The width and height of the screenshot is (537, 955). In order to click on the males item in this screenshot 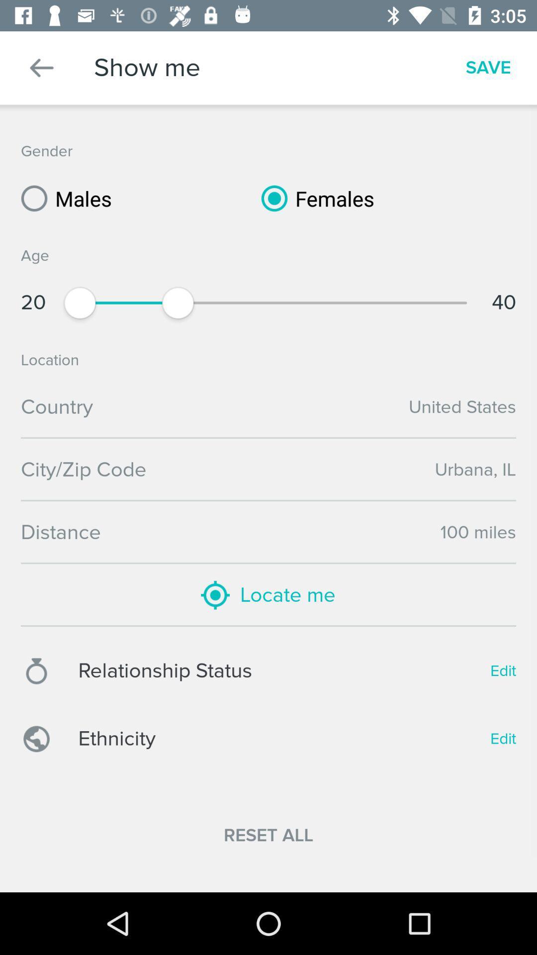, I will do `click(63, 198)`.